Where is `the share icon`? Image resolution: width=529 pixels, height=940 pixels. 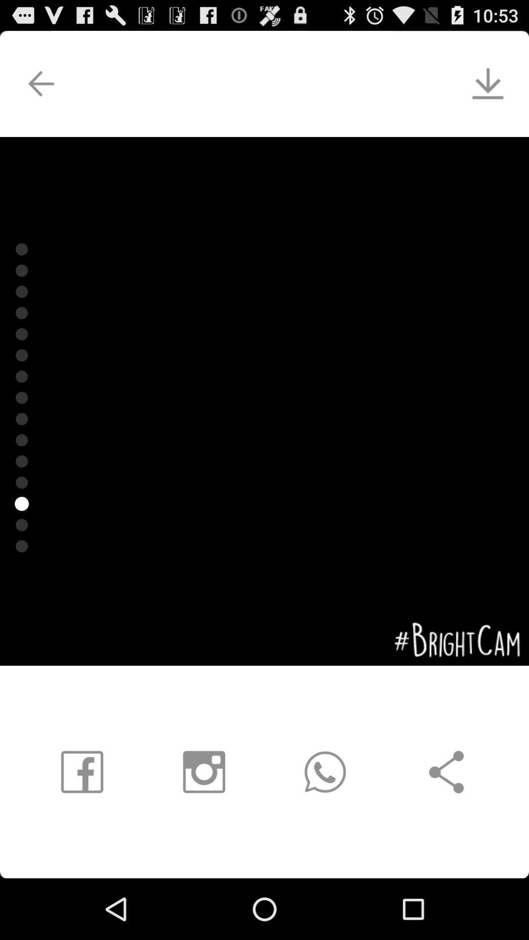 the share icon is located at coordinates (459, 825).